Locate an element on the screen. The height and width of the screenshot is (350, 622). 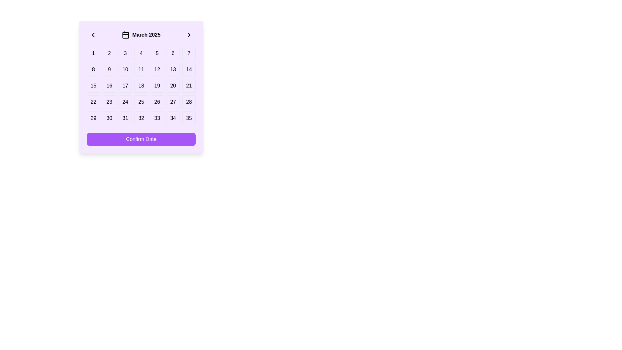
the selectable date cell representing the 3rd of March 2025 in the calendar interface is located at coordinates (125, 53).